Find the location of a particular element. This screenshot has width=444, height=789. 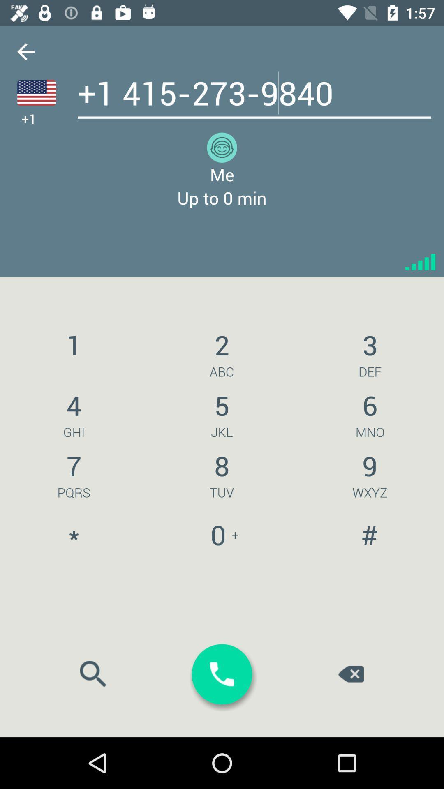

go back is located at coordinates (25, 51).